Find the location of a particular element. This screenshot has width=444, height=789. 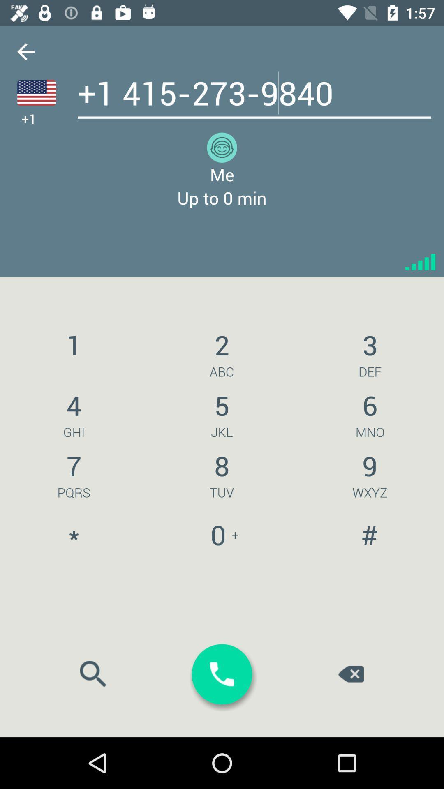

go back is located at coordinates (25, 51).